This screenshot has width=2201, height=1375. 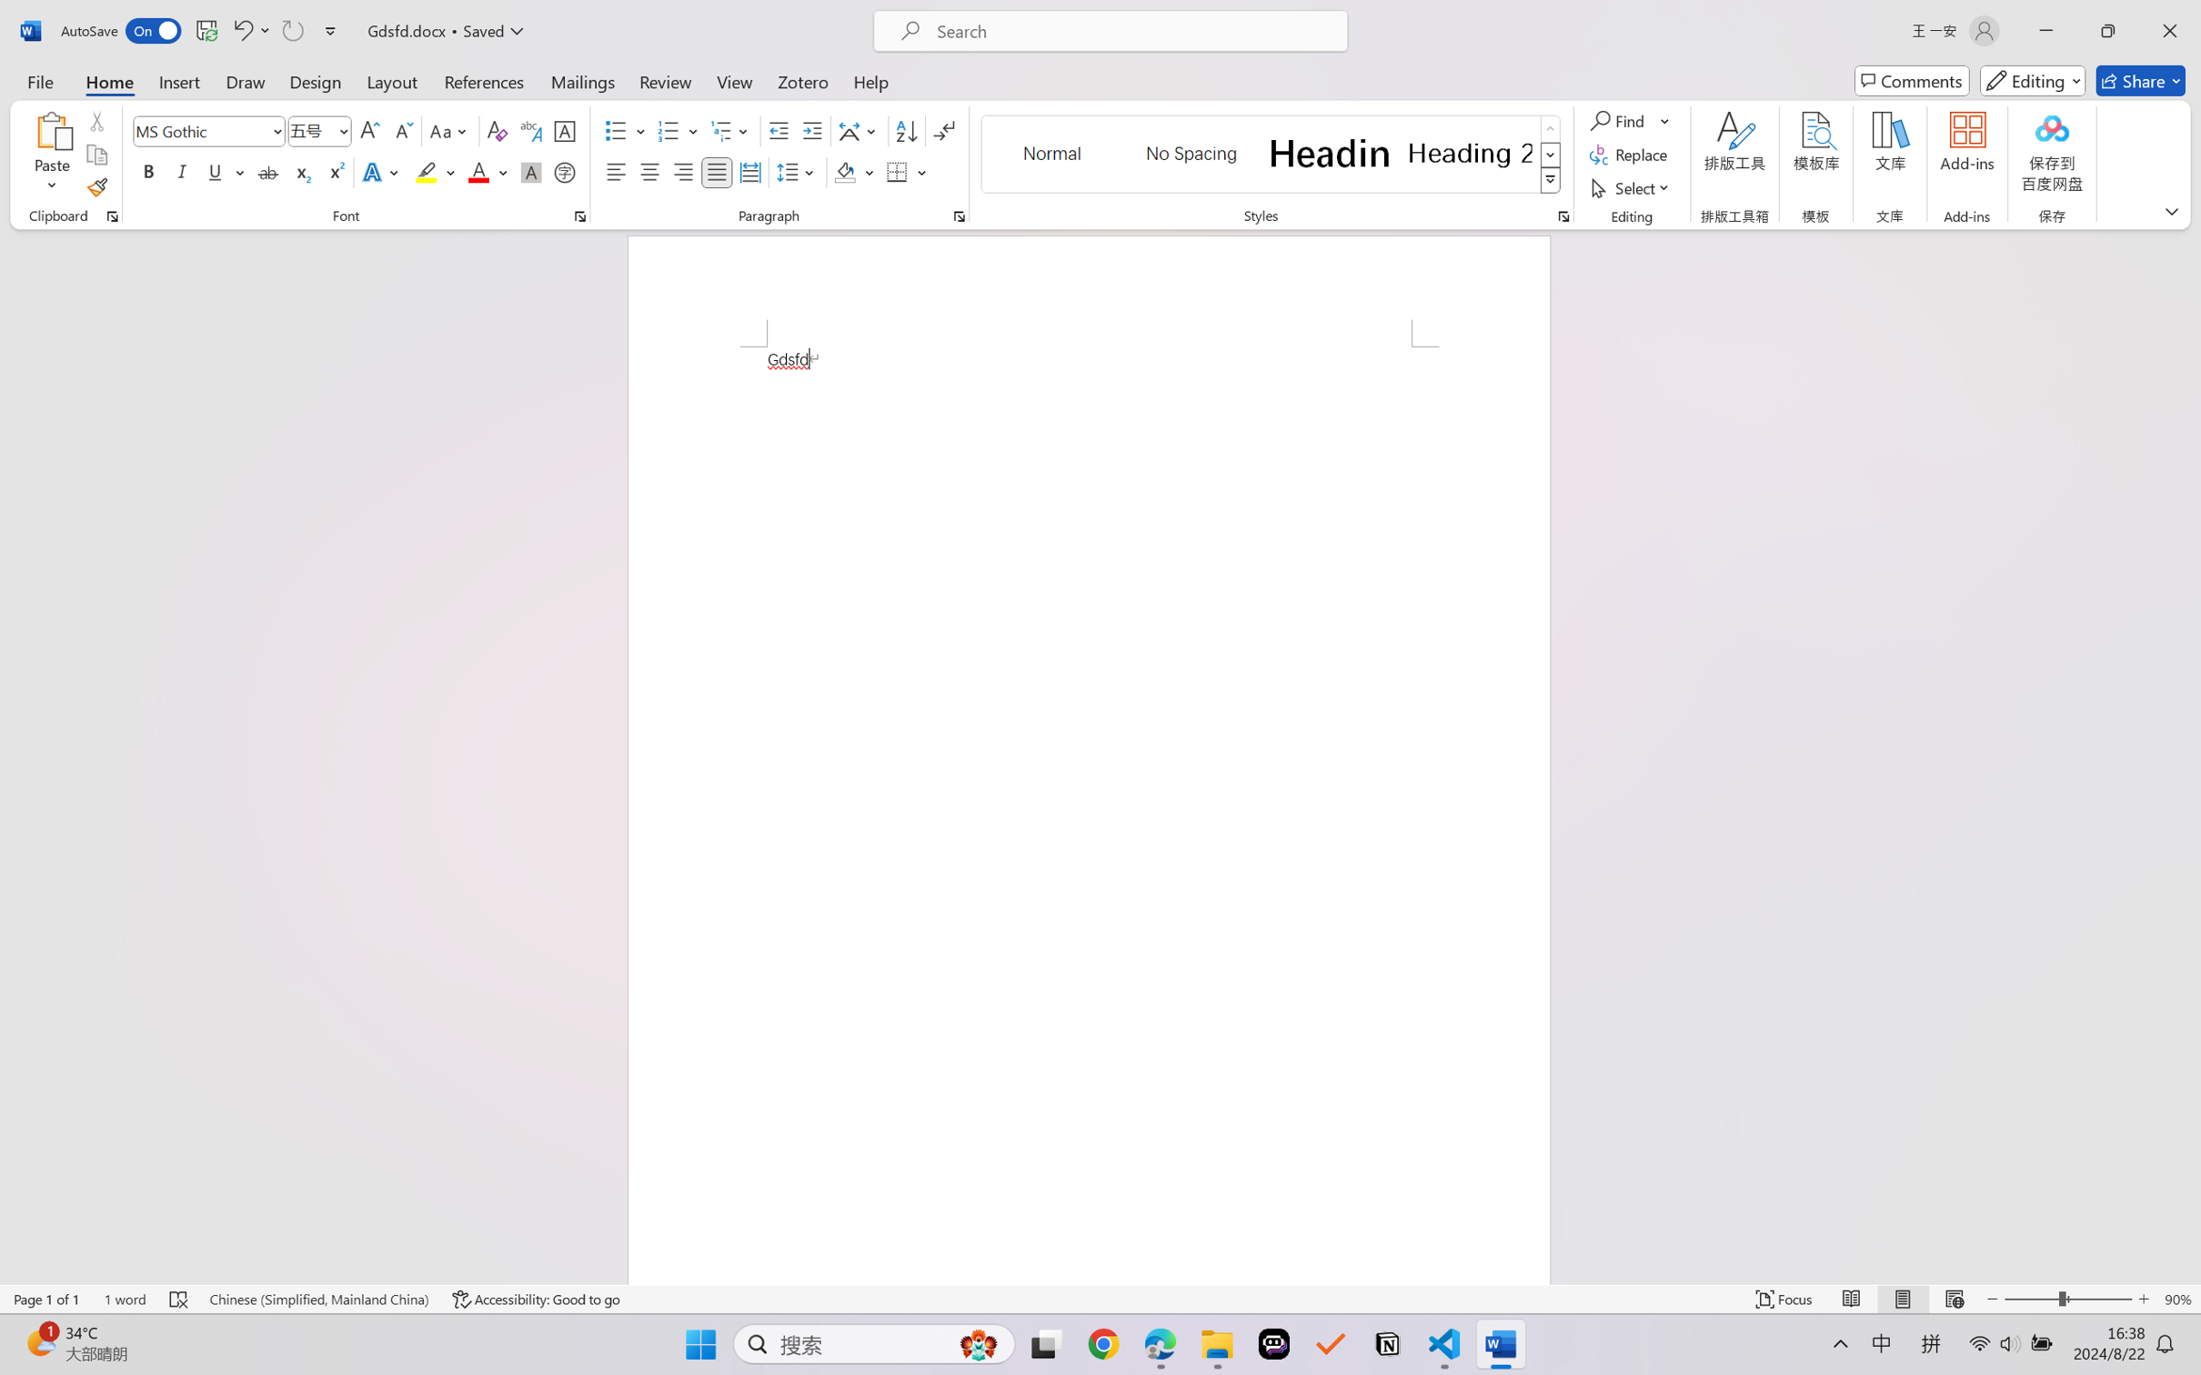 What do you see at coordinates (1629, 155) in the screenshot?
I see `'Replace...'` at bounding box center [1629, 155].